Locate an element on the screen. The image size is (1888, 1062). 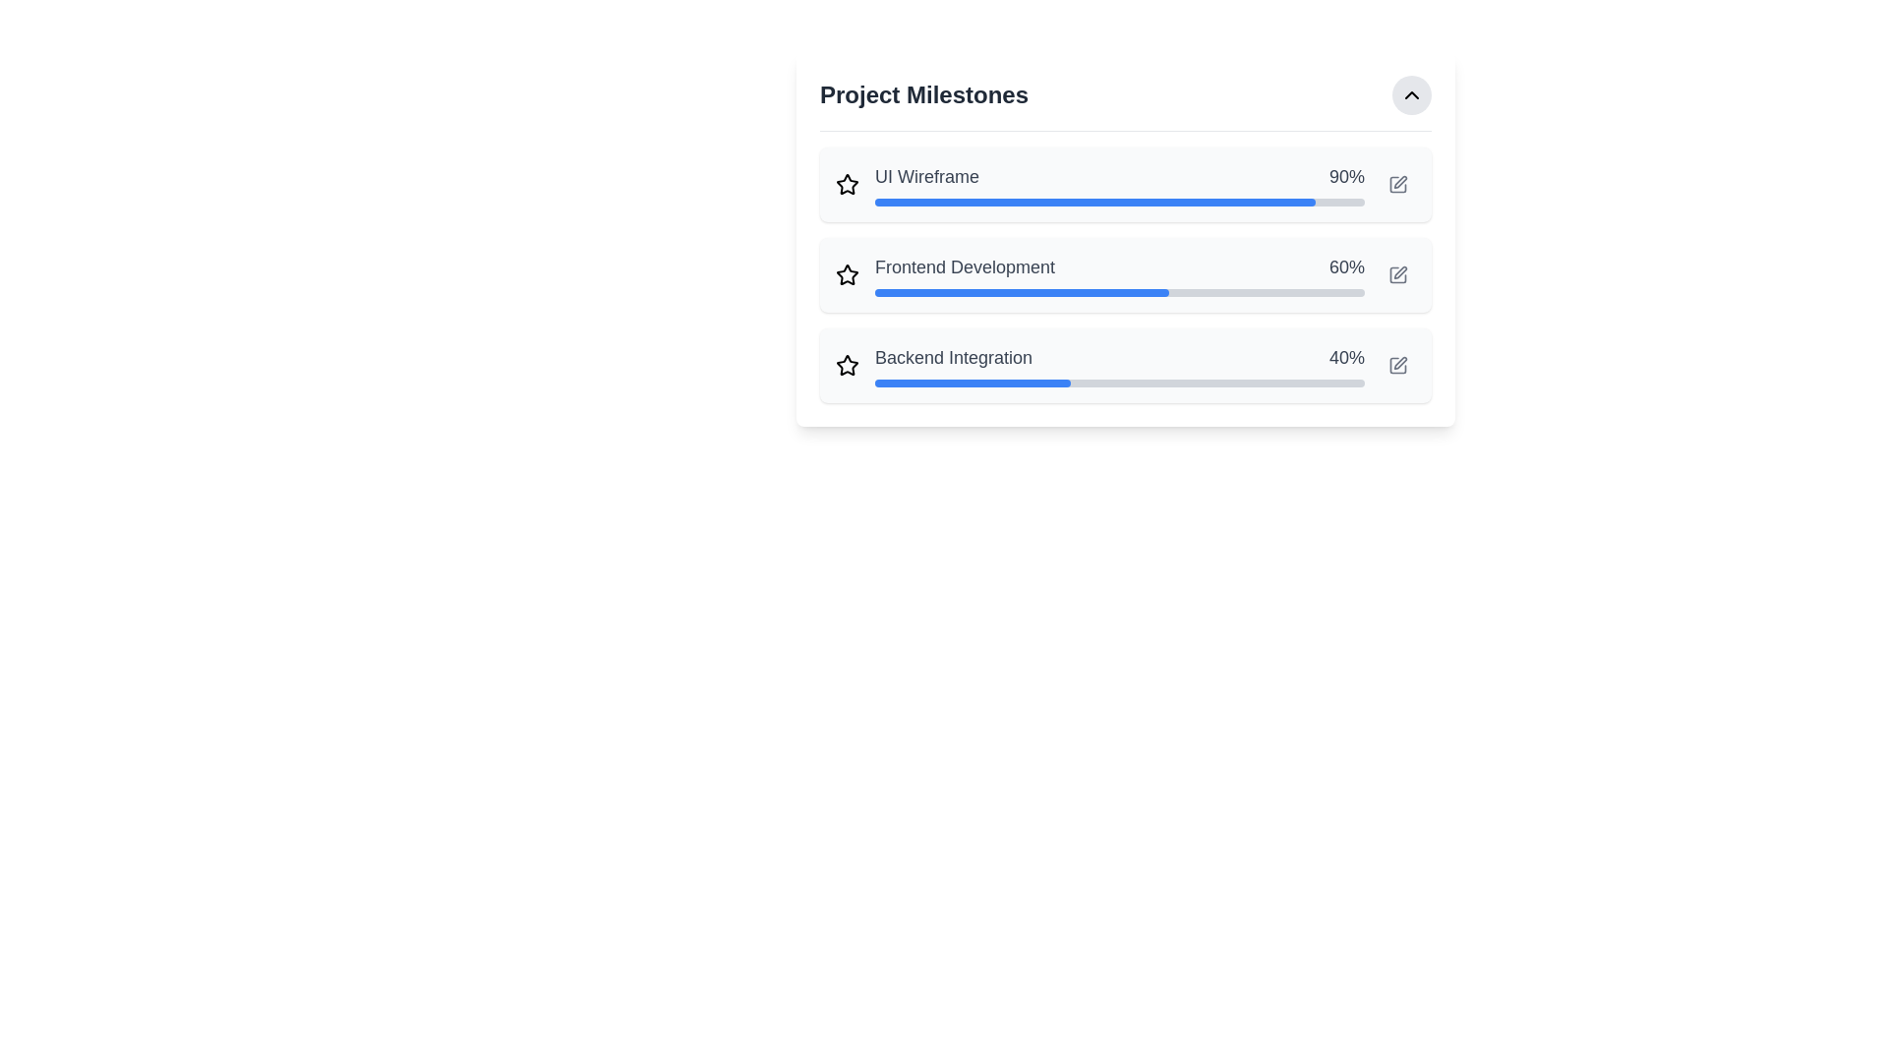
the edit vector icon located to the right of the third milestone entry labeled 'Backend Integration' is located at coordinates (1399, 363).